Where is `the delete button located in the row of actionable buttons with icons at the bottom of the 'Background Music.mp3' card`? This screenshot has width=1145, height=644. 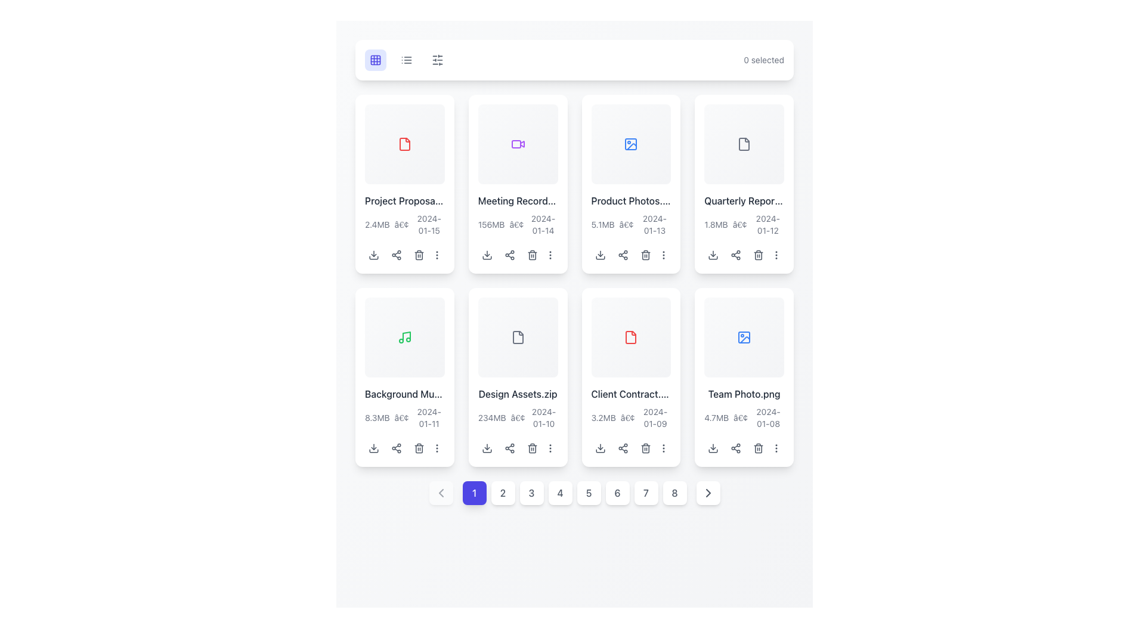
the delete button located in the row of actionable buttons with icons at the bottom of the 'Background Music.mp3' card is located at coordinates (404, 448).